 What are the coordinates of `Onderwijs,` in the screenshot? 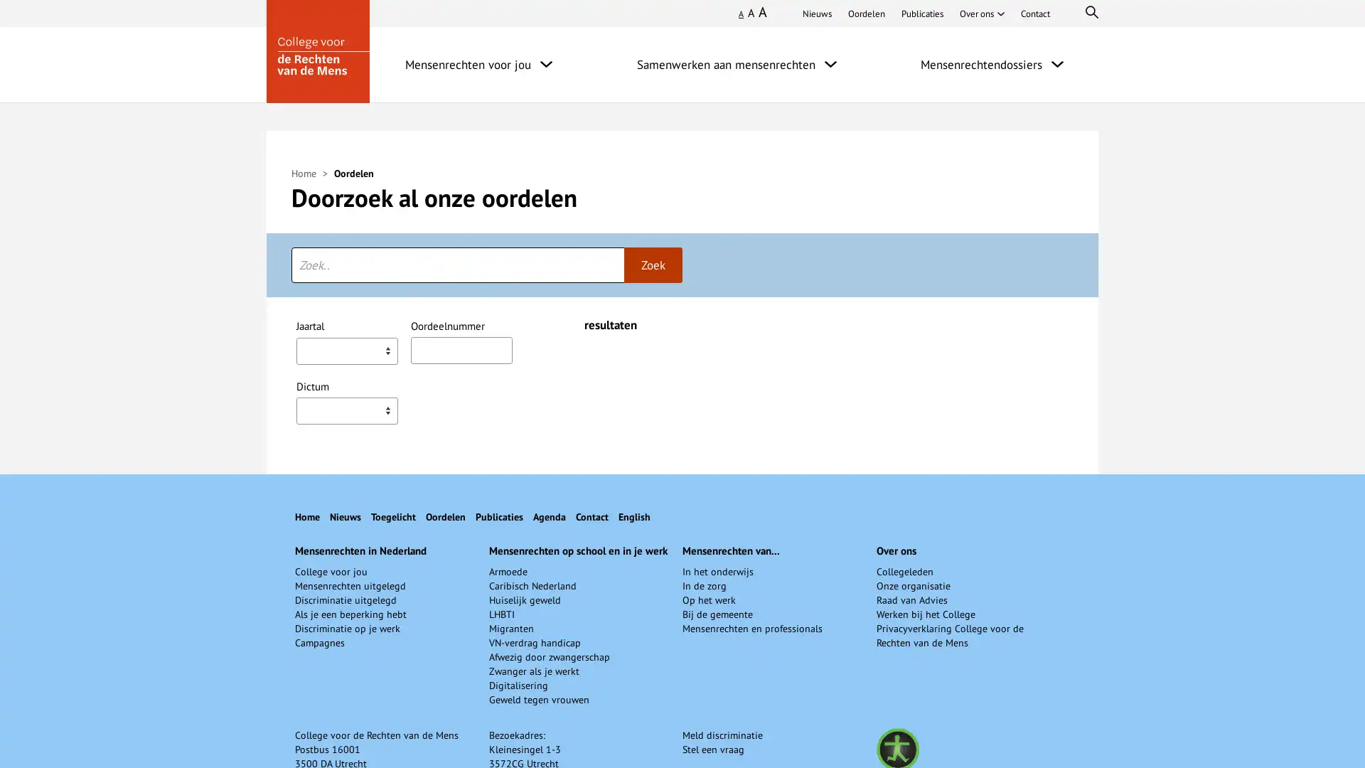 It's located at (904, 730).